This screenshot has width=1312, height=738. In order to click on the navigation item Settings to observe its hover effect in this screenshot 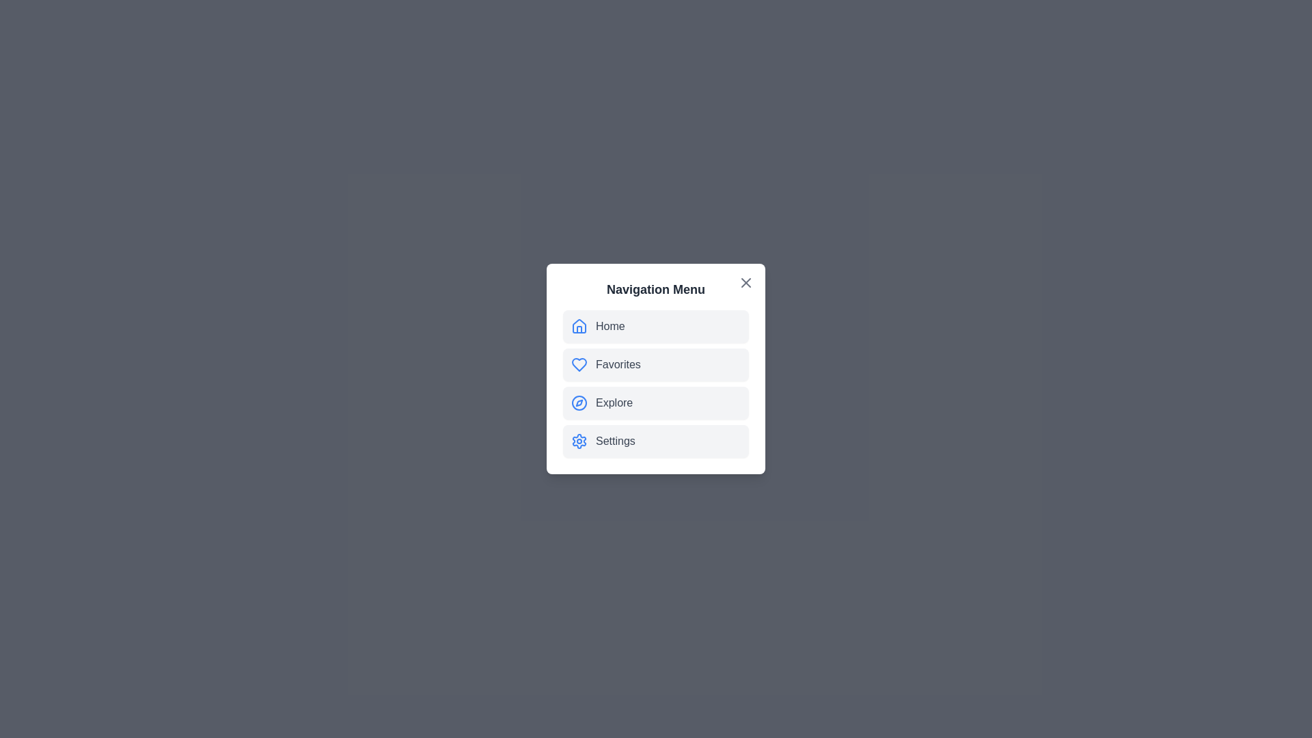, I will do `click(656, 441)`.